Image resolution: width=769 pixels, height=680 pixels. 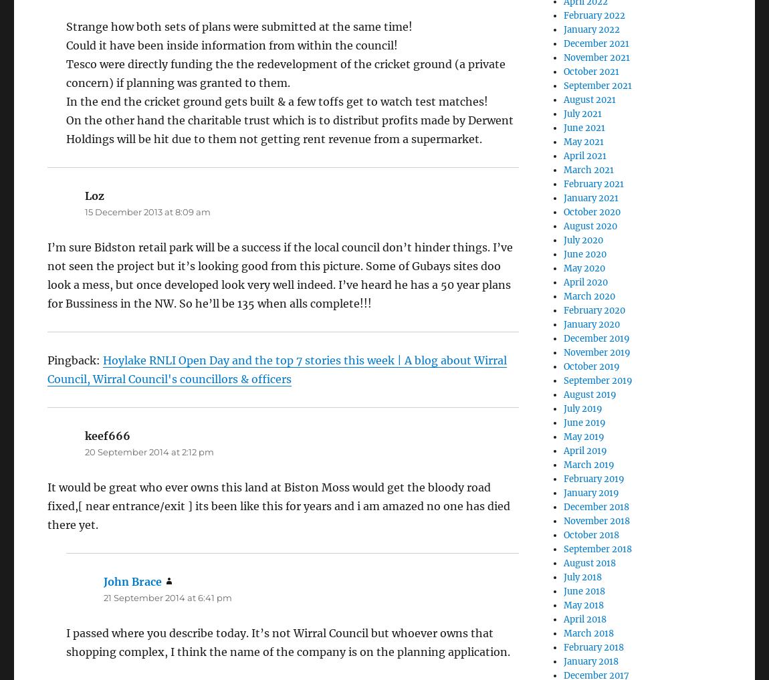 What do you see at coordinates (280, 275) in the screenshot?
I see `'I’m sure Bidston retail park will be a success if the local council don’t hinder things. I’ve not seen the project but it’s looking good from this picture. Some of Gubays sites doo look a mess, but once developed look very well indeed. I’ve heard he has a 50 year plans for Bussiness in the NW. So he’ll be 135 when alls complete!!!'` at bounding box center [280, 275].